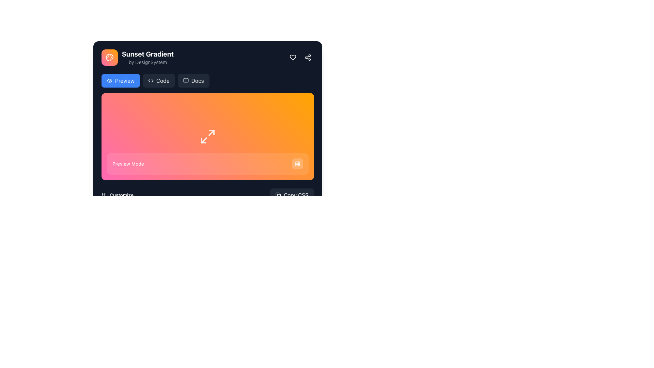 This screenshot has width=654, height=368. What do you see at coordinates (207, 195) in the screenshot?
I see `the 'Customize' text label located in the bottom section of the main card, just below the gradient preview area and to the left of 'Copy CSS'` at bounding box center [207, 195].